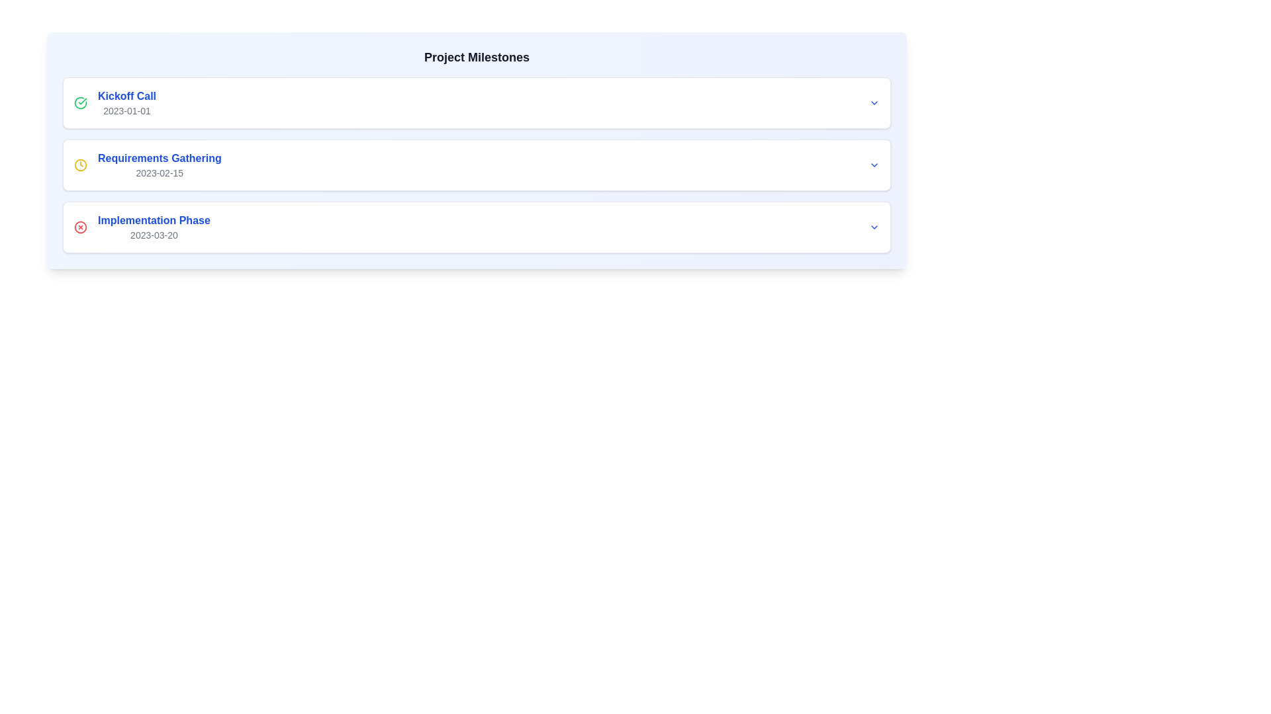 This screenshot has width=1271, height=714. Describe the element at coordinates (148, 165) in the screenshot. I see `the 'Requirements Gathering' milestone text, which is the second item in the list of milestones under the heading 'Project Milestones'` at that location.